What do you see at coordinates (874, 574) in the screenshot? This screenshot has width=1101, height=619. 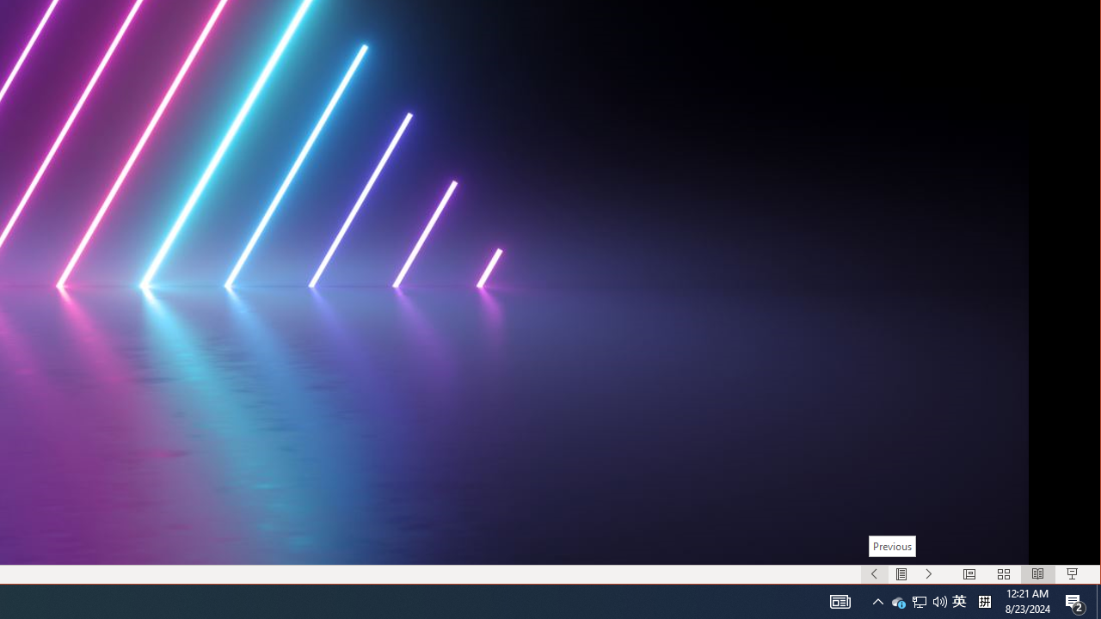 I see `'Slide Show Previous On'` at bounding box center [874, 574].